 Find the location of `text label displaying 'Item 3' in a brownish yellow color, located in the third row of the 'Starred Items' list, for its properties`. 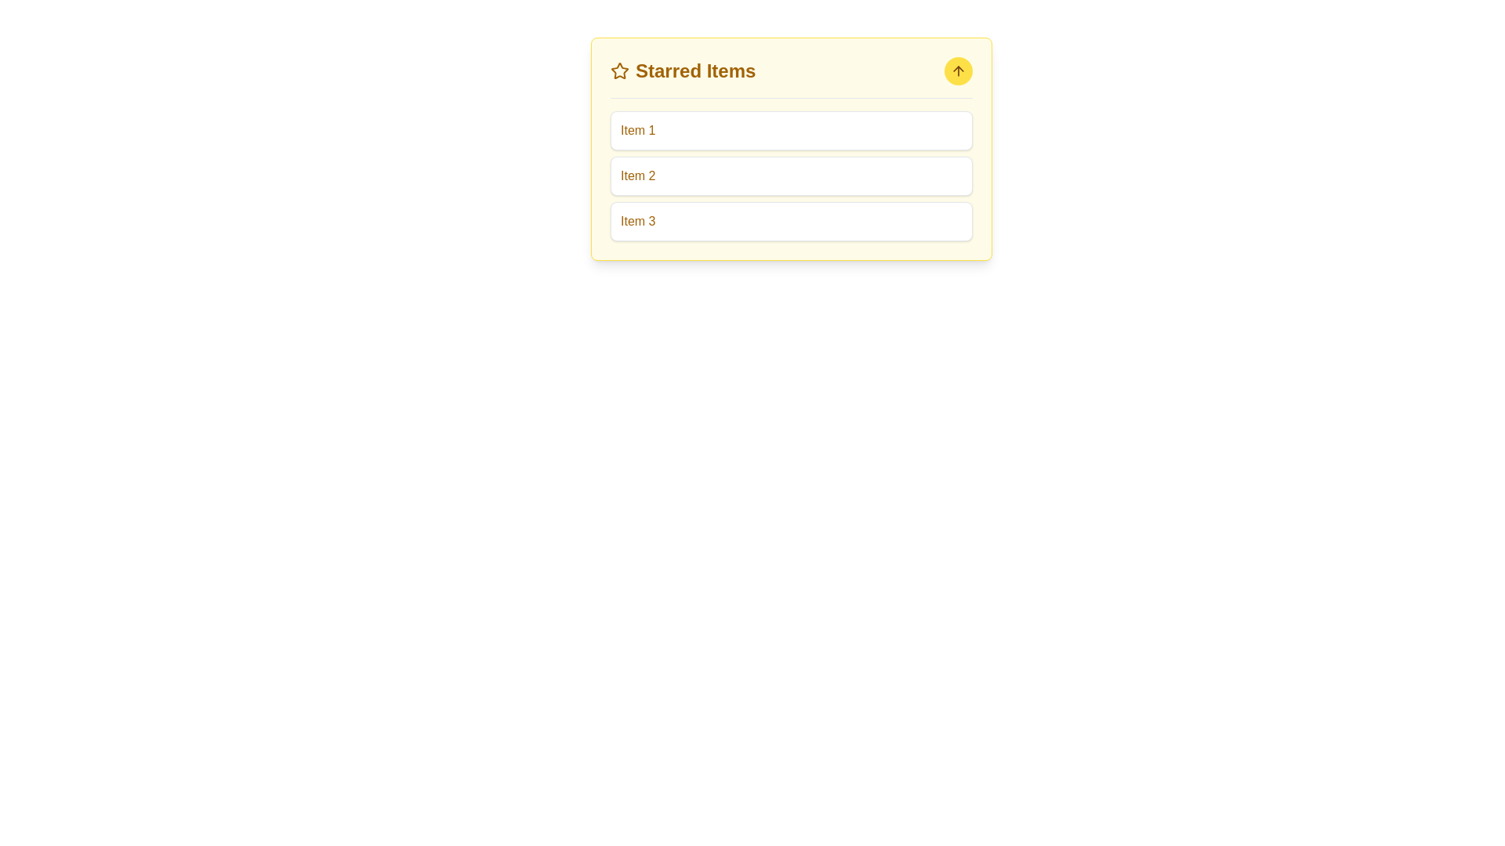

text label displaying 'Item 3' in a brownish yellow color, located in the third row of the 'Starred Items' list, for its properties is located at coordinates (638, 221).